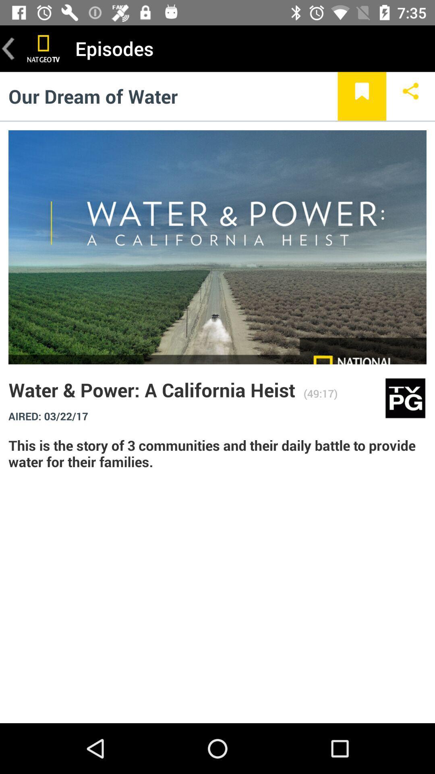  What do you see at coordinates (361, 96) in the screenshot?
I see `item to the right of the our dream of item` at bounding box center [361, 96].